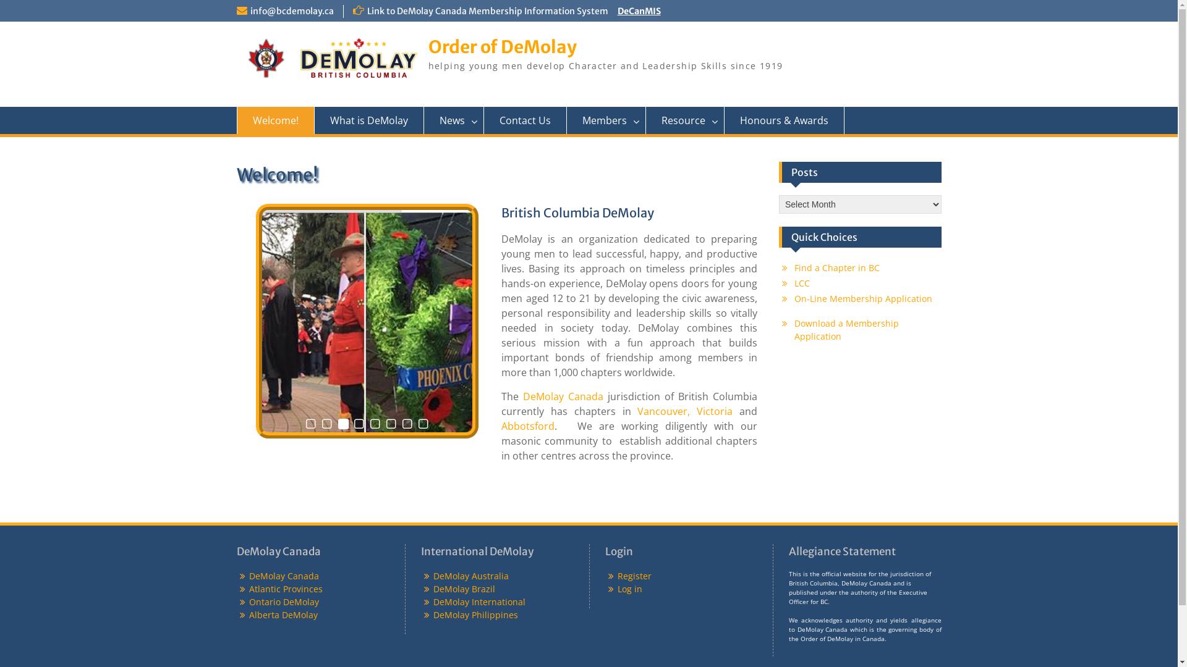 This screenshot has height=667, width=1187. What do you see at coordinates (470, 576) in the screenshot?
I see `'DeMolay Australia'` at bounding box center [470, 576].